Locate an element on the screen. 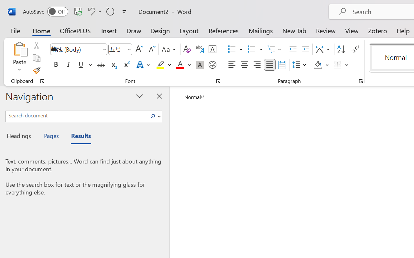 Image resolution: width=414 pixels, height=258 pixels. 'Decrease Indent' is located at coordinates (293, 49).